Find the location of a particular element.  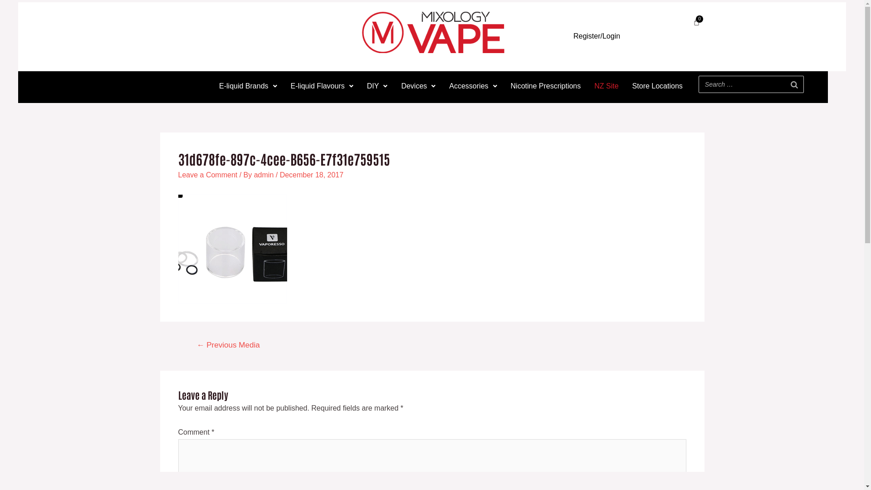

'DIY' is located at coordinates (377, 86).